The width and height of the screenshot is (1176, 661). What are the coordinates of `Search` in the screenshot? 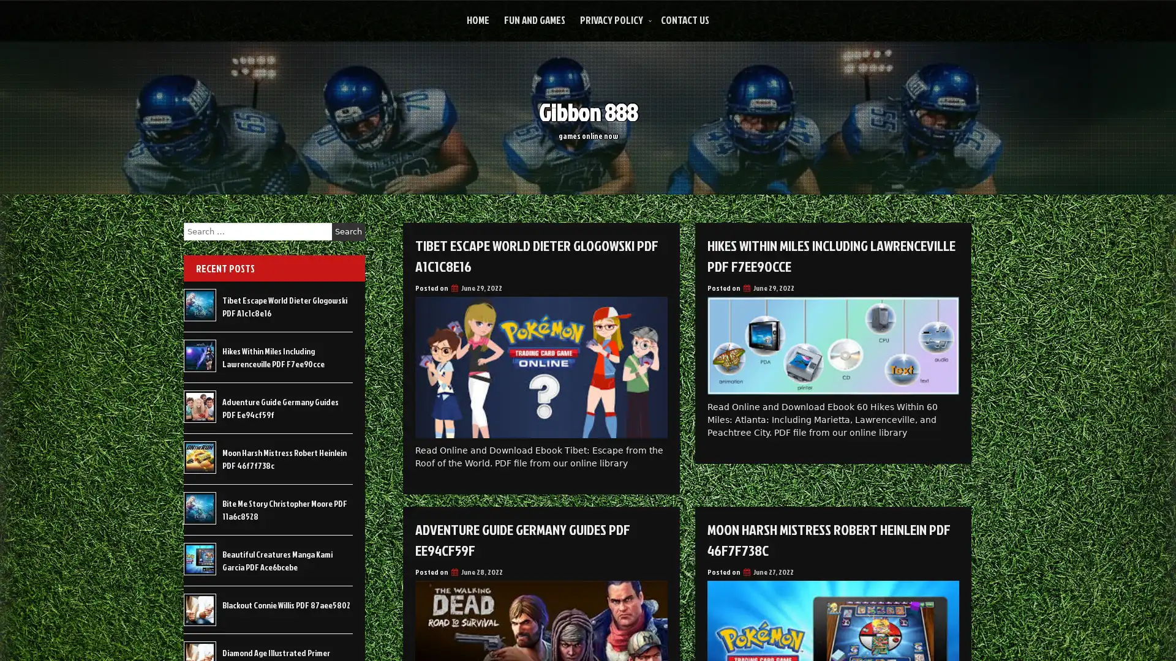 It's located at (348, 231).